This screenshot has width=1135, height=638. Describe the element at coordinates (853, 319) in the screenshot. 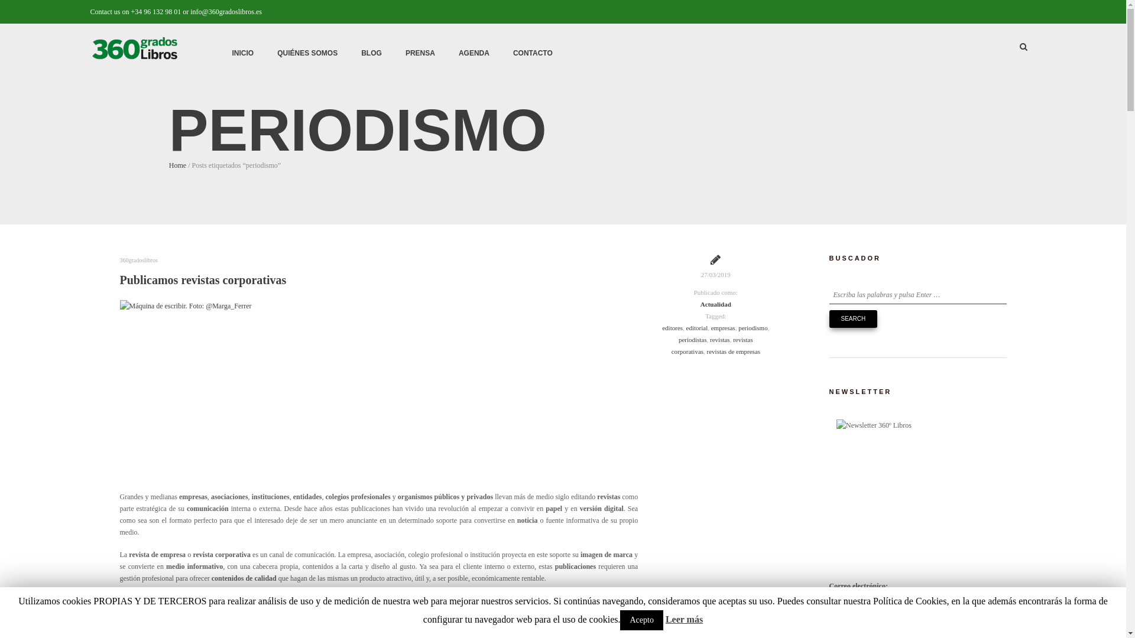

I see `'Search'` at that location.